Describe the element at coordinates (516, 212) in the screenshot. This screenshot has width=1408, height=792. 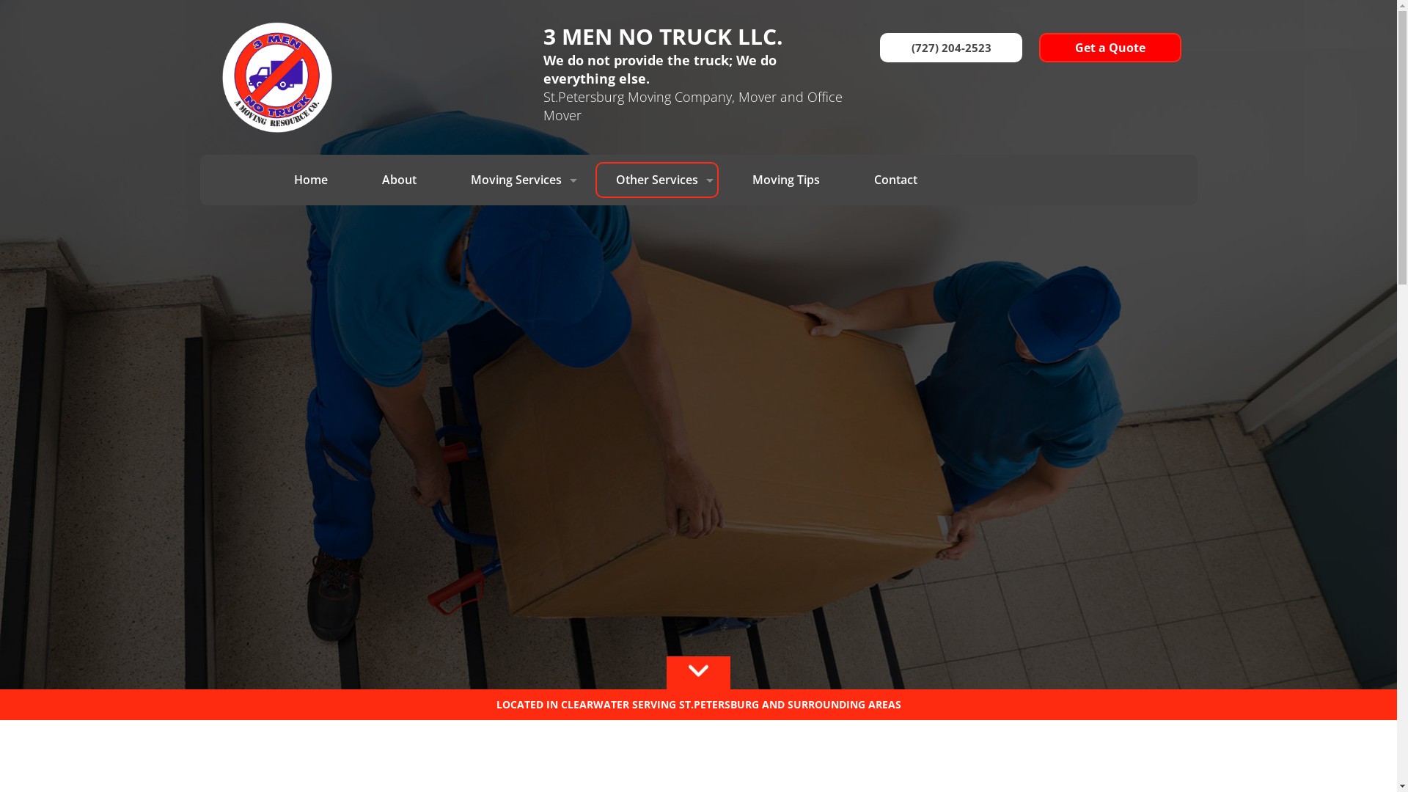
I see `'Long Distance Moving'` at that location.